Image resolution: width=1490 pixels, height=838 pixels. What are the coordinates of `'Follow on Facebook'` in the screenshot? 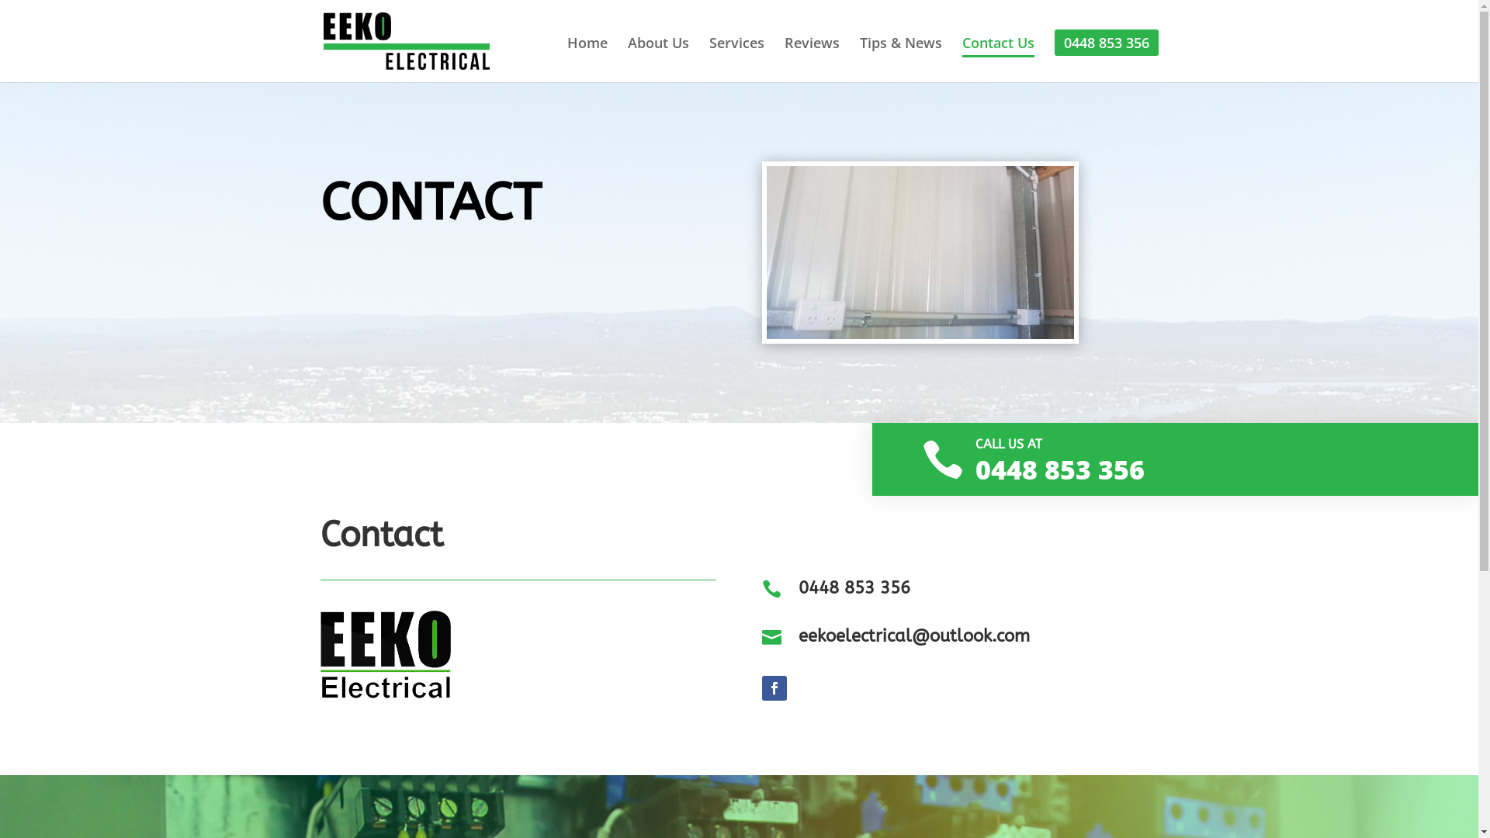 It's located at (774, 687).